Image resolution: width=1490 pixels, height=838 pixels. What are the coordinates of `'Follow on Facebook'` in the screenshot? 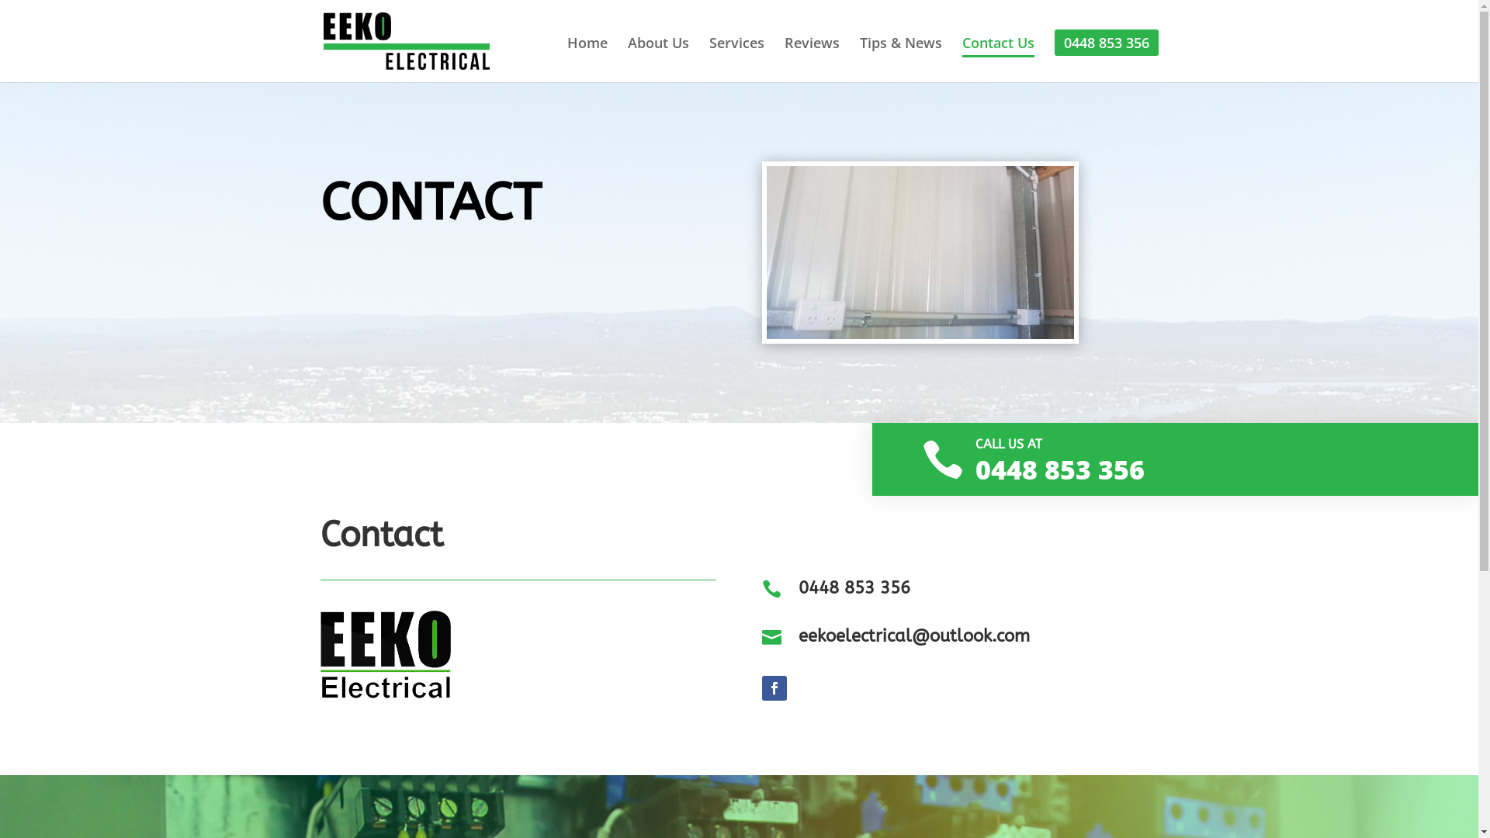 It's located at (774, 687).